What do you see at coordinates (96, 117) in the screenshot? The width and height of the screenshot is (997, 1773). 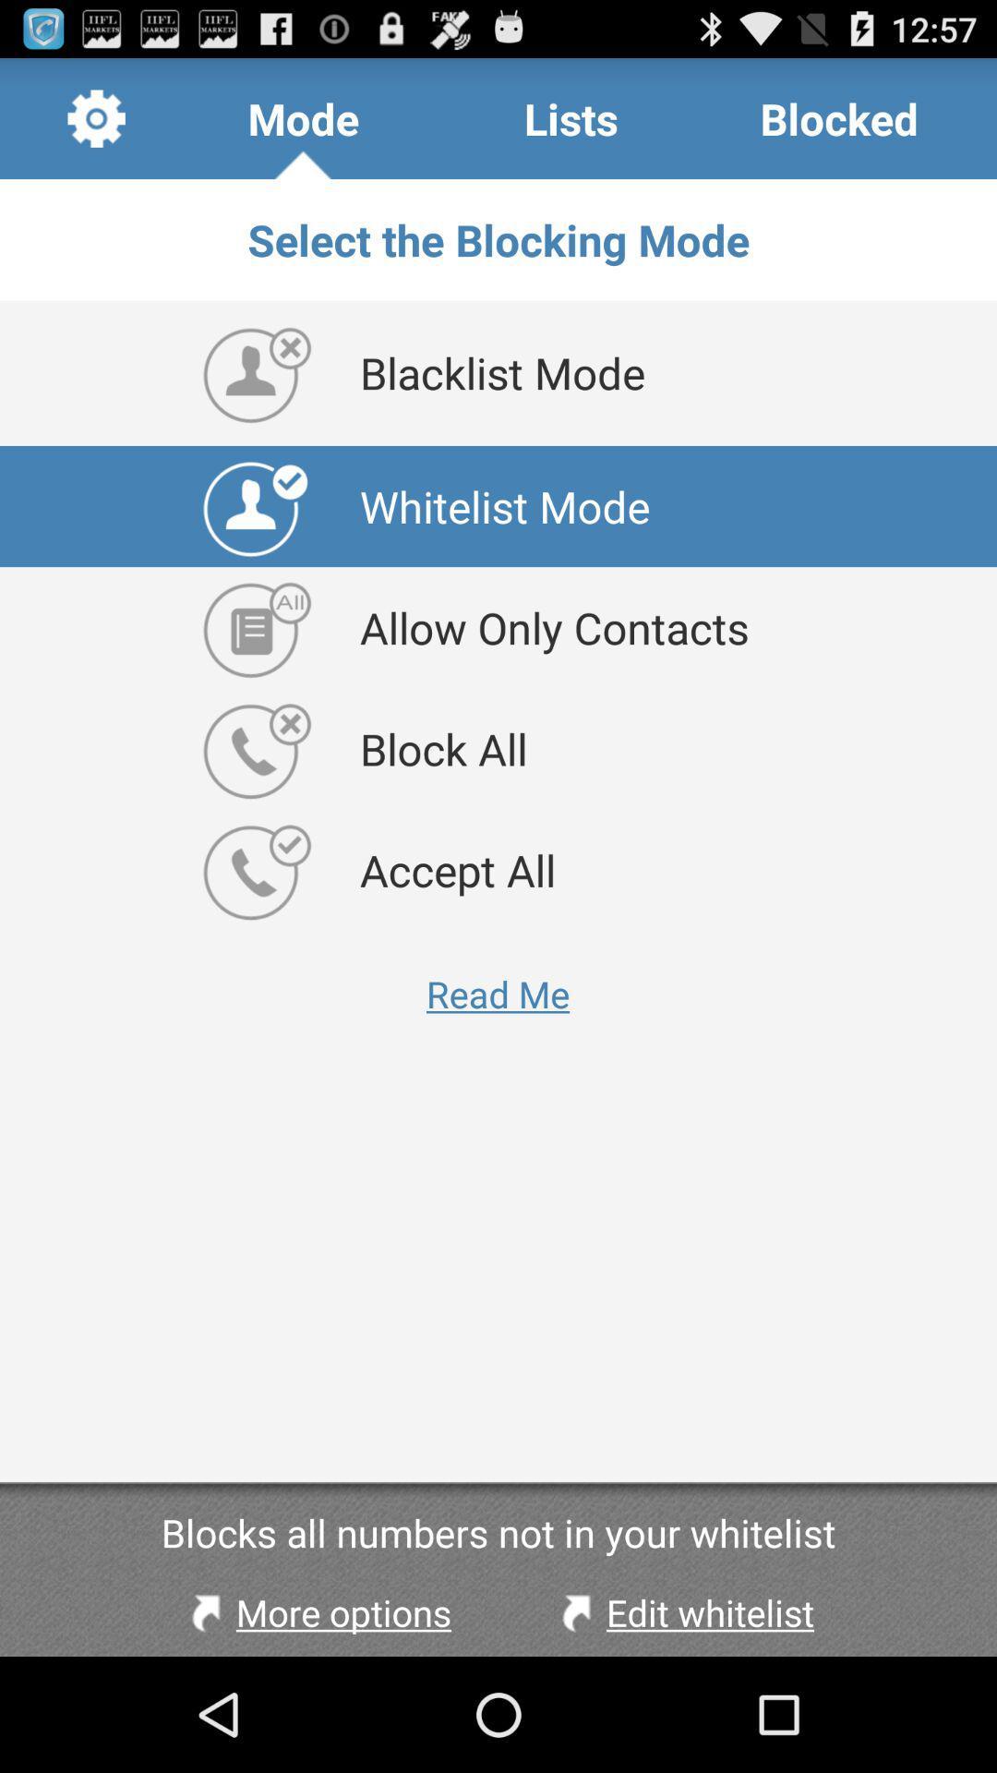 I see `item next to mode icon` at bounding box center [96, 117].